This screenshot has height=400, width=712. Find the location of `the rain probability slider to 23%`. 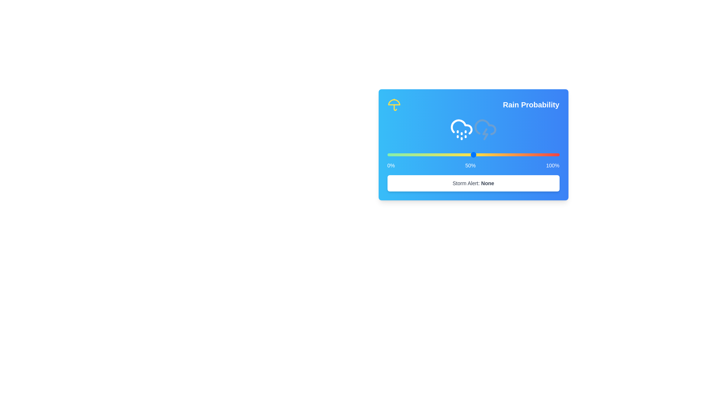

the rain probability slider to 23% is located at coordinates (427, 154).